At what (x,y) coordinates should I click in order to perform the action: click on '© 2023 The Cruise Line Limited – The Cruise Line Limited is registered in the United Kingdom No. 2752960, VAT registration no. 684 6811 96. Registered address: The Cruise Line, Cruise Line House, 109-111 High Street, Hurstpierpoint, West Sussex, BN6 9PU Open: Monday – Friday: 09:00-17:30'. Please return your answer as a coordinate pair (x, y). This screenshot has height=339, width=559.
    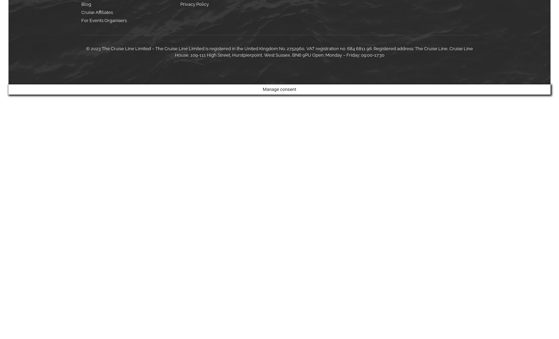
    Looking at the image, I should click on (279, 52).